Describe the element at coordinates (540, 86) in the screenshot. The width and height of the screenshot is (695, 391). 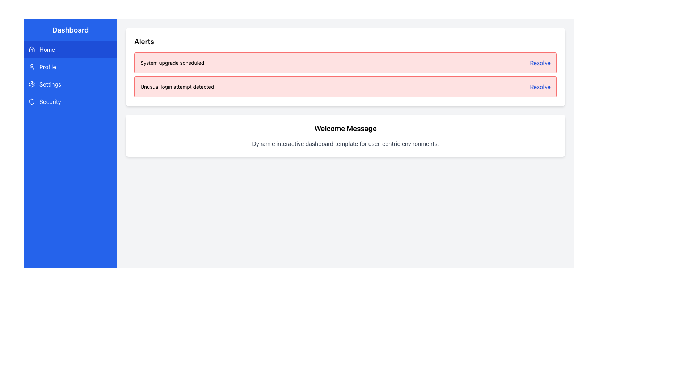
I see `the link styled as text located at the top-right corner of the second alert box in the 'Alerts' section of the dashboard to initiate the resolution process for the alert regarding 'Unusual login attempt detected'` at that location.